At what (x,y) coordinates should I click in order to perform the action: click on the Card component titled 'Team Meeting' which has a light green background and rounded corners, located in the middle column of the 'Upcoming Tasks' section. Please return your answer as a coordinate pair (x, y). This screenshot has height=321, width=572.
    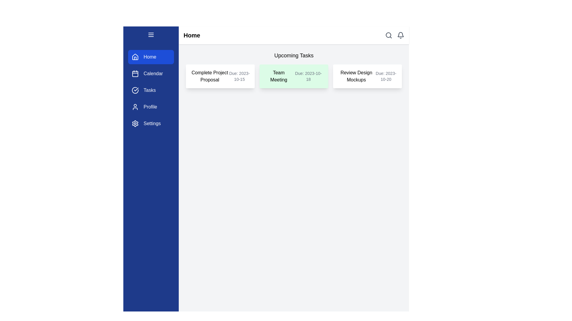
    Looking at the image, I should click on (294, 76).